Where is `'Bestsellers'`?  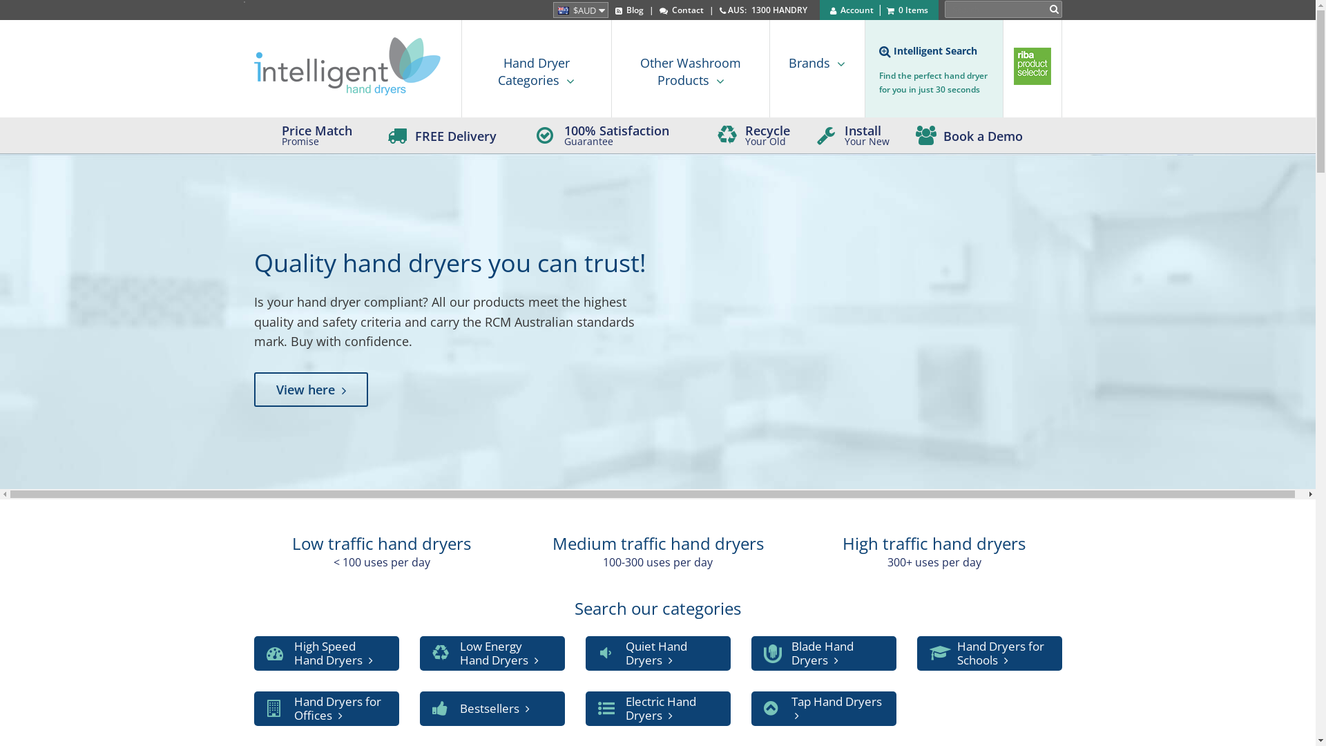 'Bestsellers' is located at coordinates (419, 709).